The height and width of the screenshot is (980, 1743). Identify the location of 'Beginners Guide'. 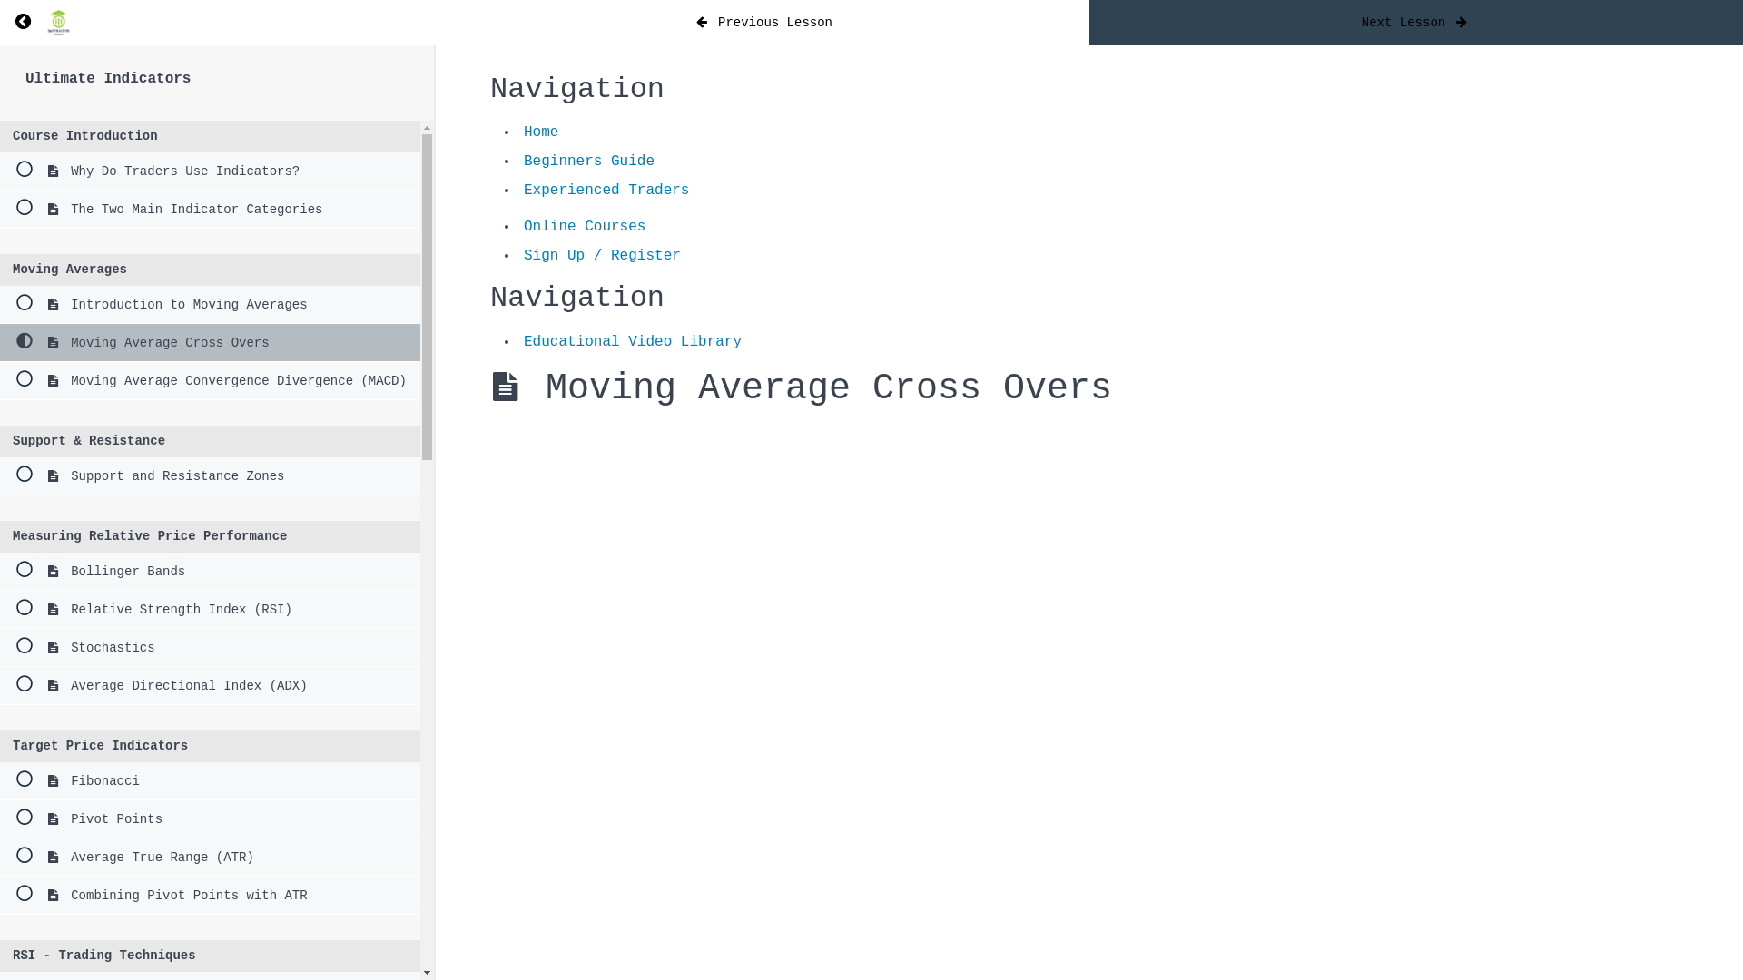
(588, 160).